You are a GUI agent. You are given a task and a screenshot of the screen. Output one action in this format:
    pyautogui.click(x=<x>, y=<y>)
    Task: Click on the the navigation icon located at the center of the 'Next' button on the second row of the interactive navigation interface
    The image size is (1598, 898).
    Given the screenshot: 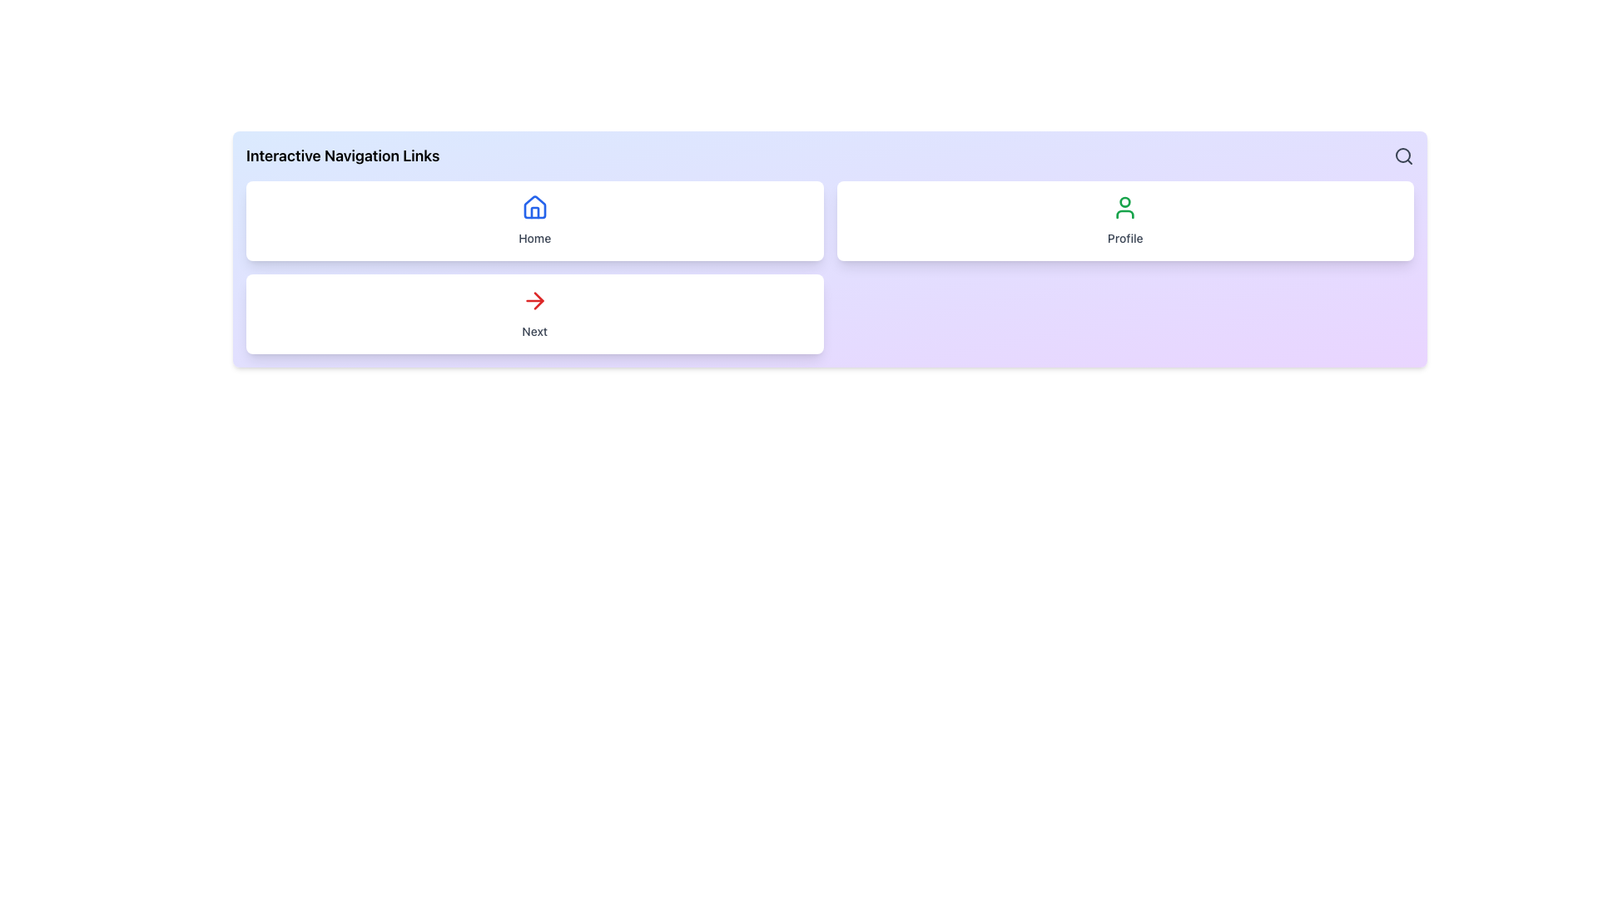 What is the action you would take?
    pyautogui.click(x=534, y=301)
    